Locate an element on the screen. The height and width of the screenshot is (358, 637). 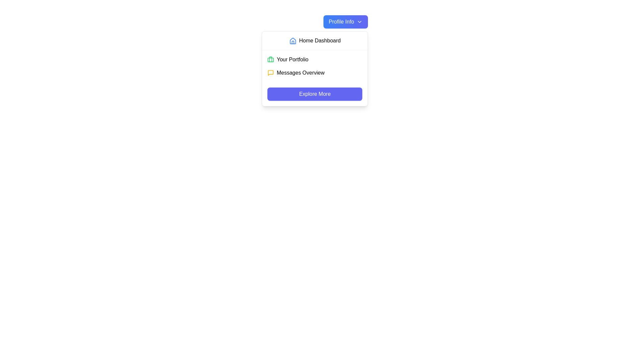
the downward chevron indicator located to the right of the 'Profile Info' text is located at coordinates (359, 21).